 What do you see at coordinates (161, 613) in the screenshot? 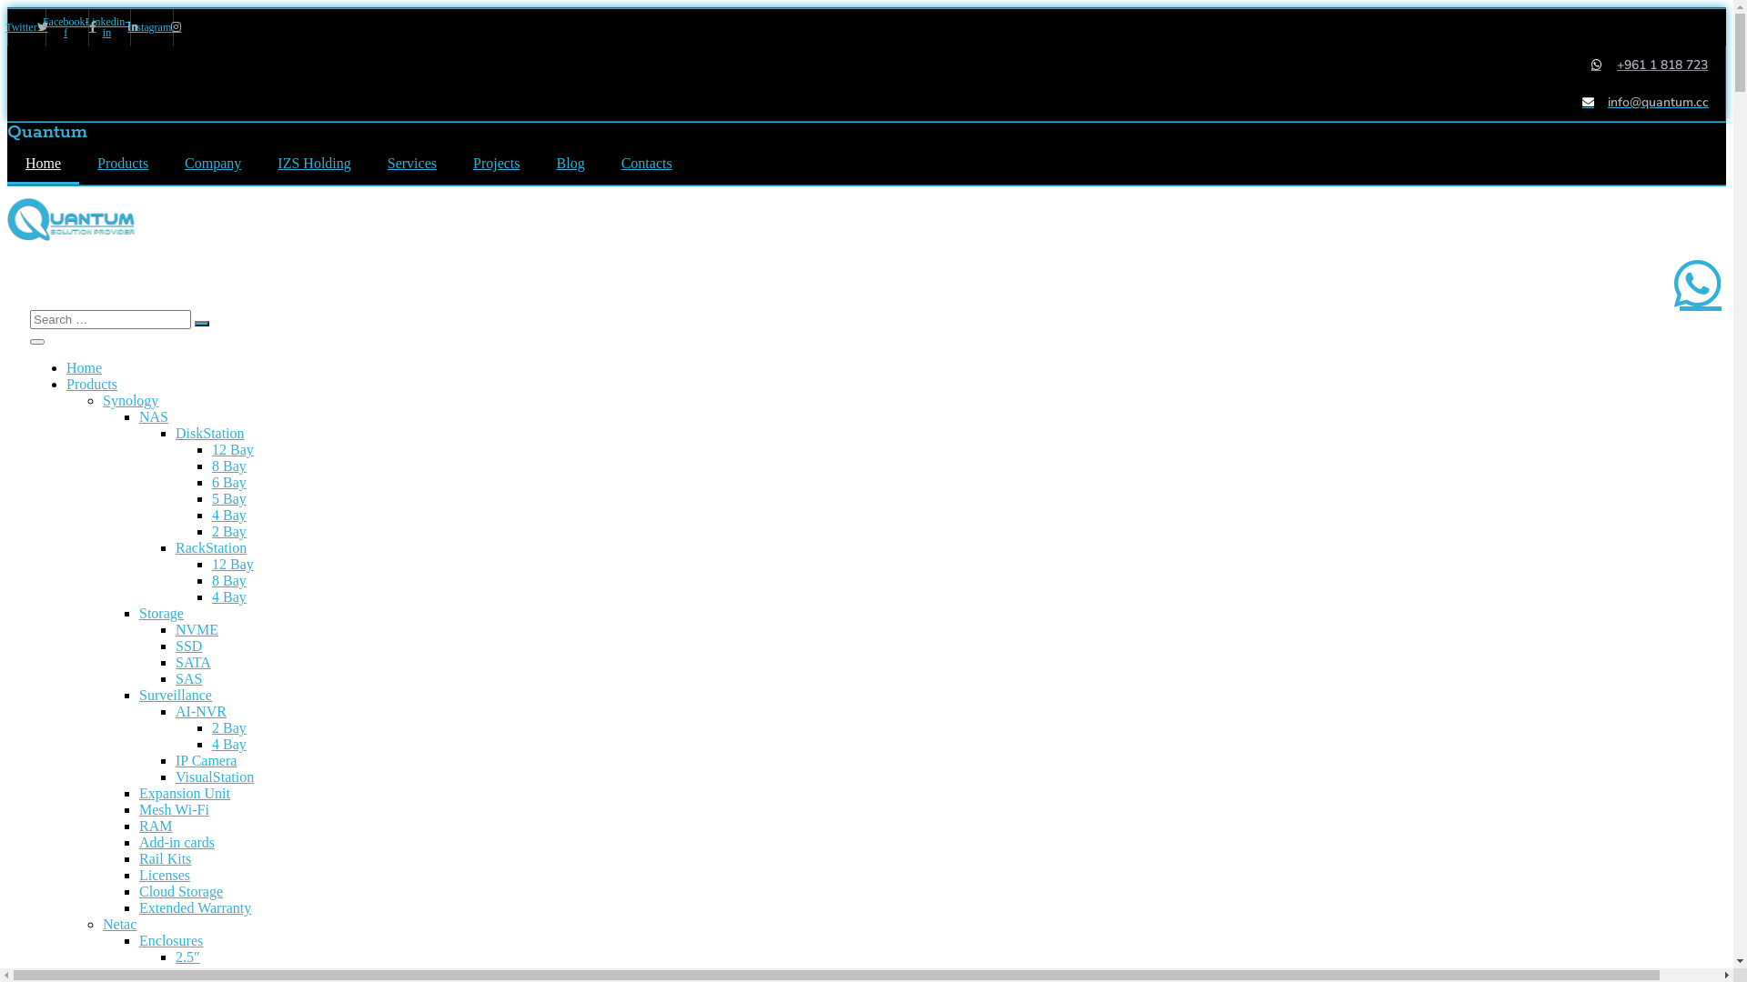
I see `'Storage'` at bounding box center [161, 613].